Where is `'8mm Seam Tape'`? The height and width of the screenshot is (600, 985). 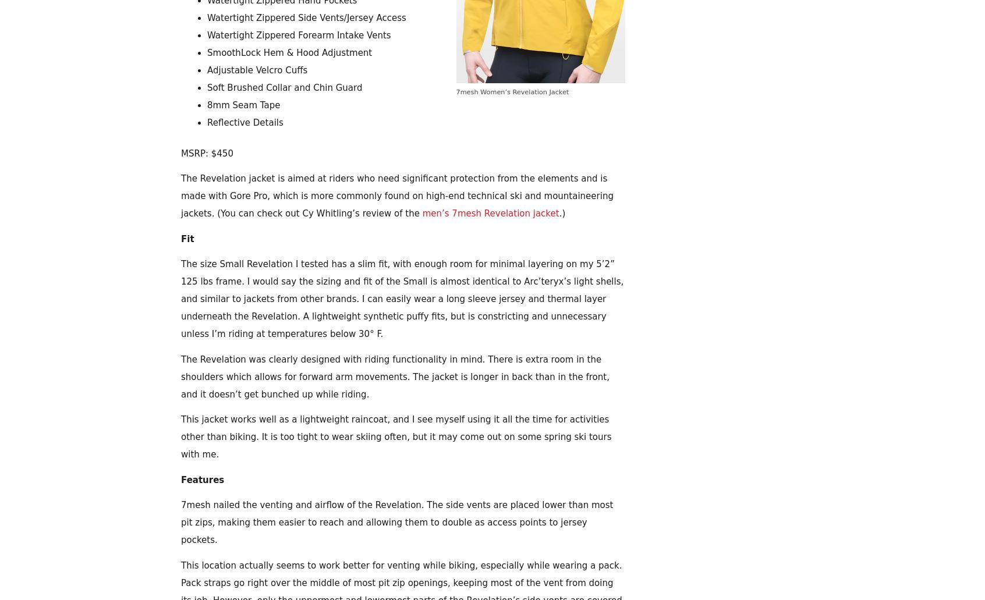 '8mm Seam Tape' is located at coordinates (243, 105).